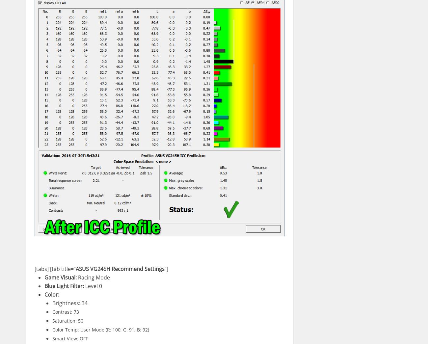 The width and height of the screenshot is (428, 344). I want to click on 'Blue Light Filter:', so click(64, 285).